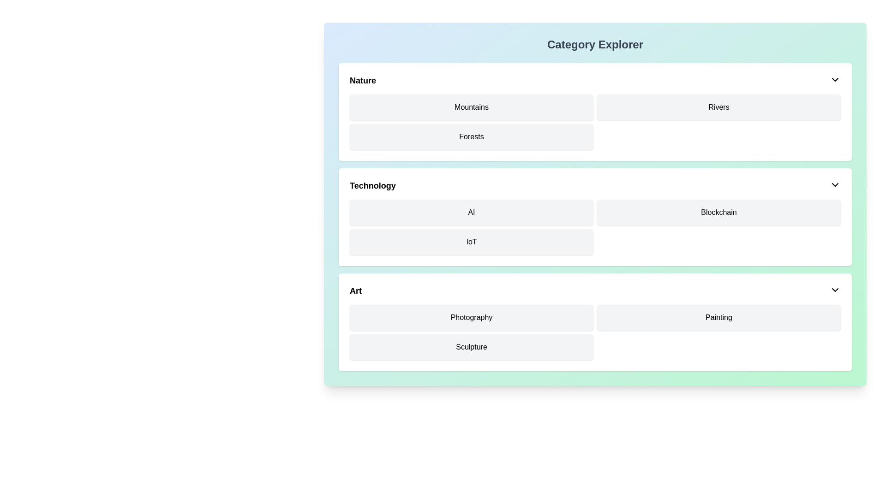 This screenshot has height=498, width=886. Describe the element at coordinates (472, 347) in the screenshot. I see `the selectable option box for 'Sculpture' located in the 'Art' section, below the 'Photography' box` at that location.